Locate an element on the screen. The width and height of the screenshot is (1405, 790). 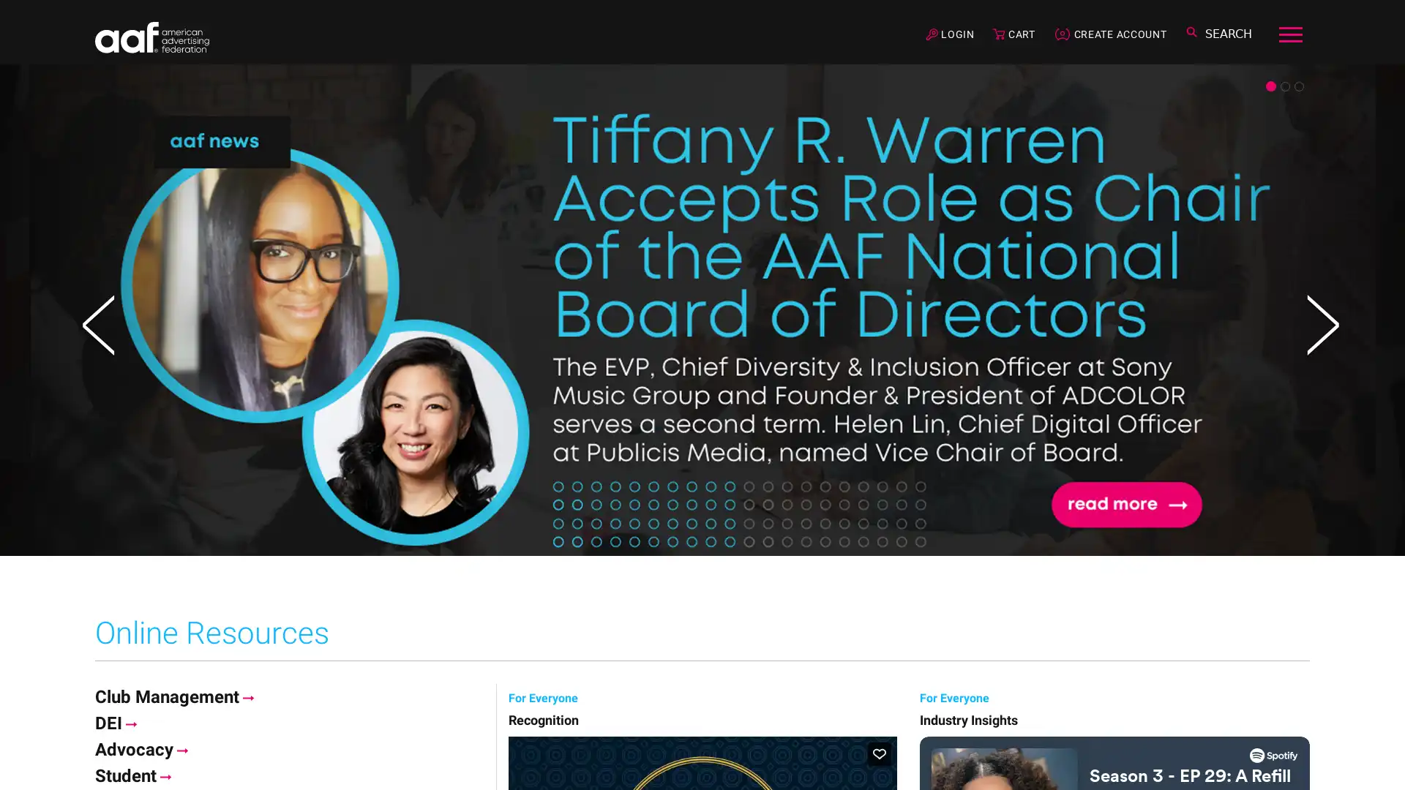
Toggle search is located at coordinates (1191, 33).